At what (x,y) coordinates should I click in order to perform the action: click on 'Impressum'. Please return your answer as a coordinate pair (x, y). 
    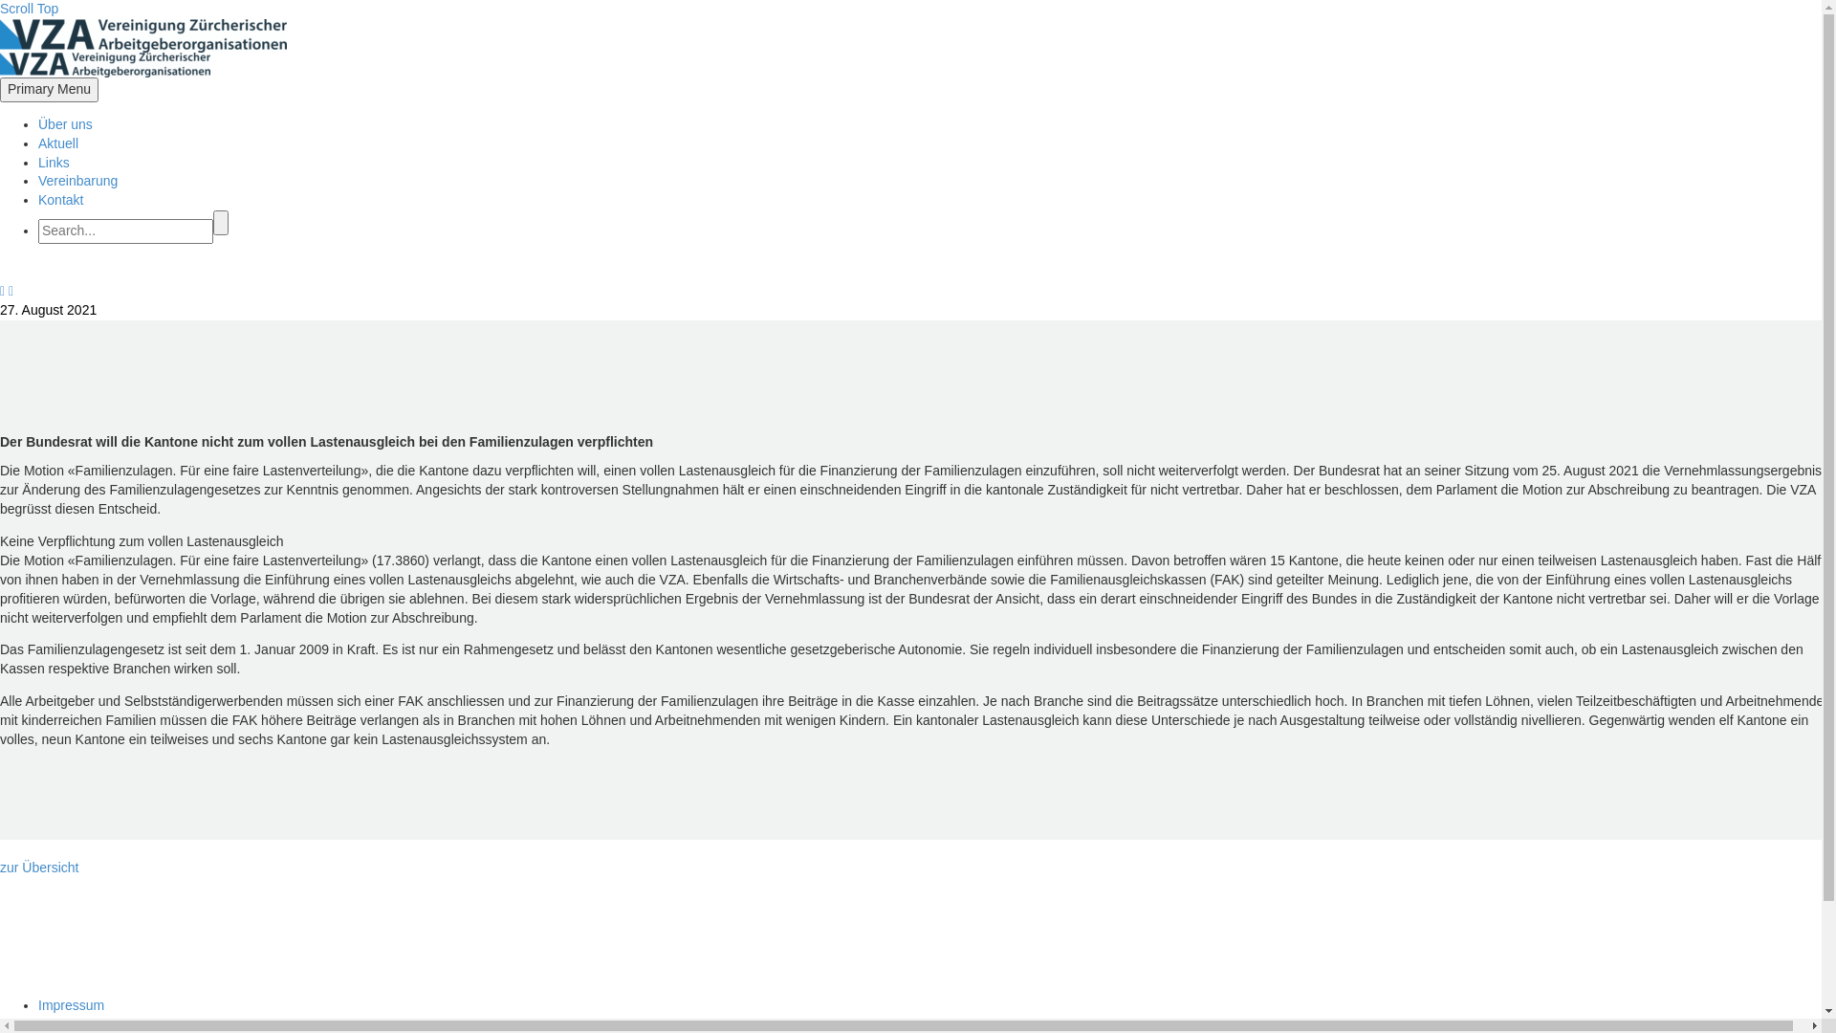
    Looking at the image, I should click on (37, 1003).